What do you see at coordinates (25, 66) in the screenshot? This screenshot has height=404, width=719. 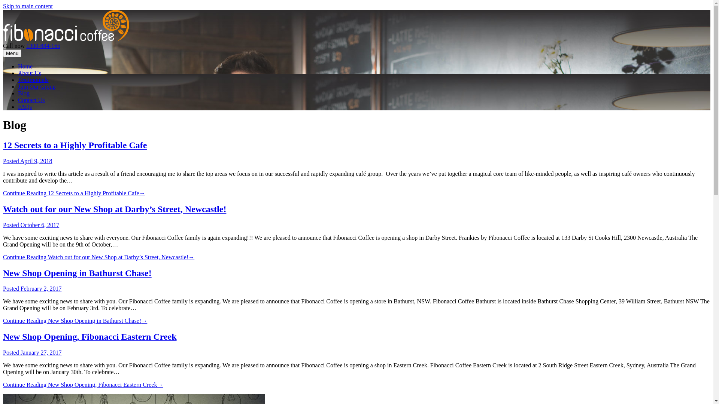 I see `'Home'` at bounding box center [25, 66].